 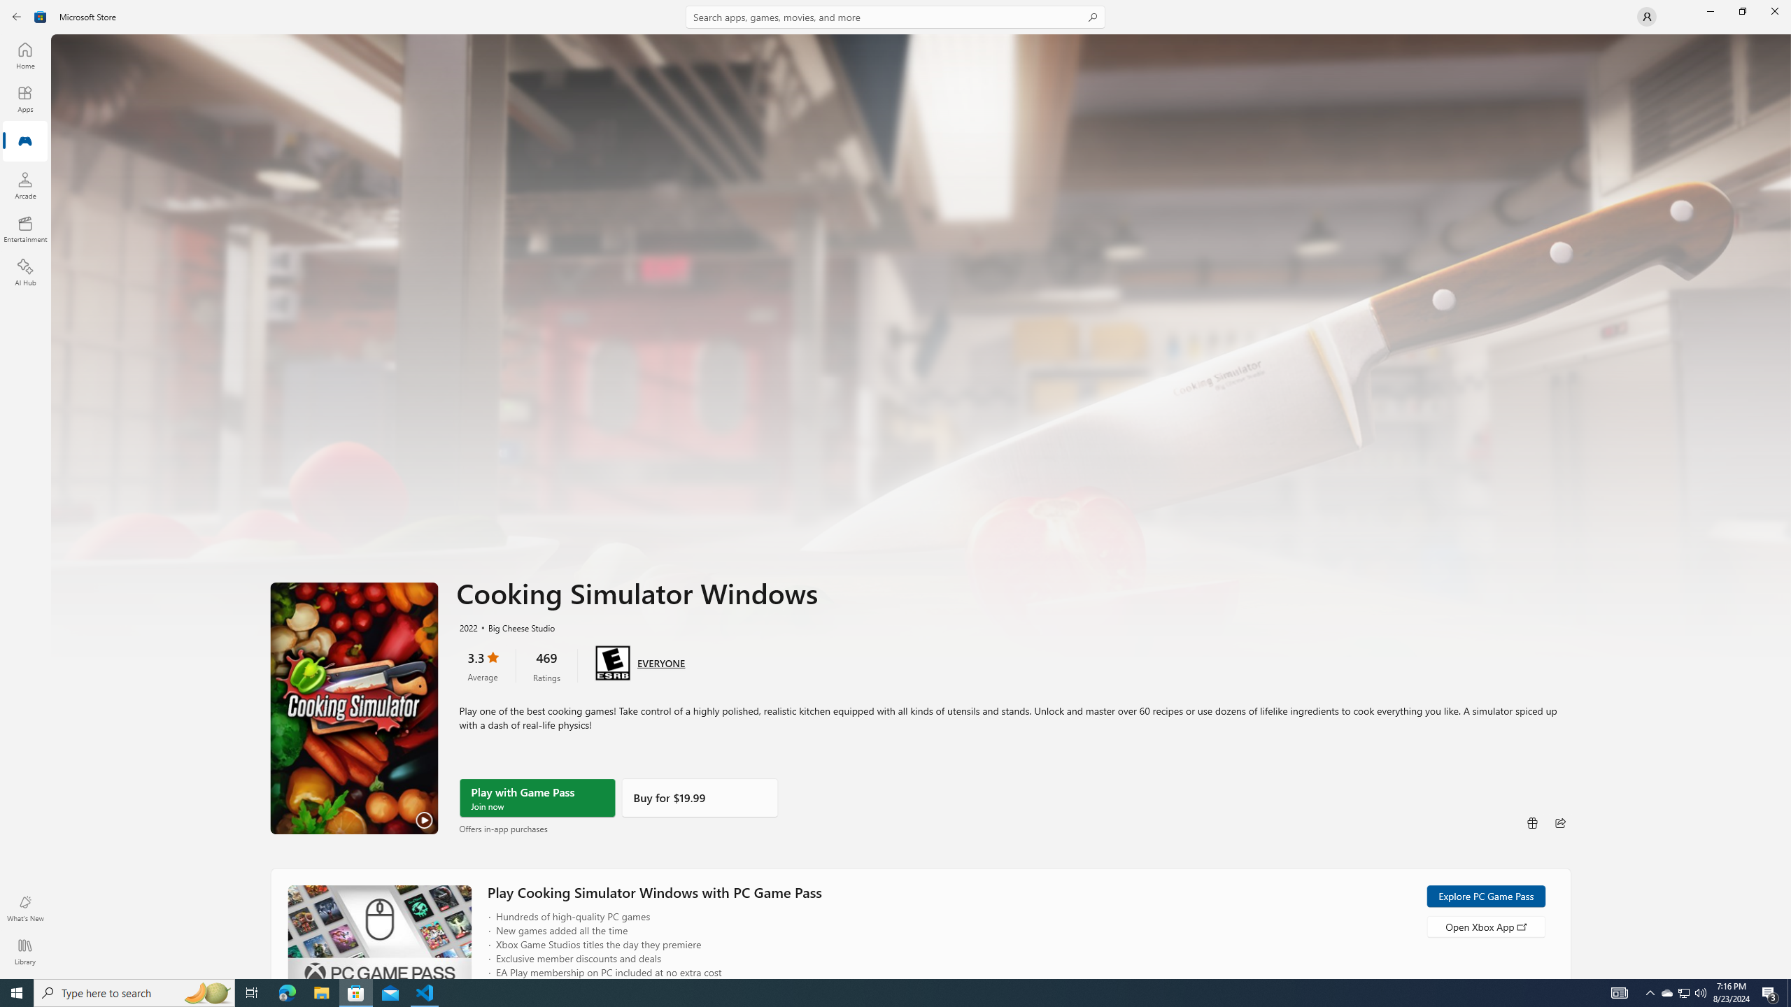 What do you see at coordinates (24, 271) in the screenshot?
I see `'AI Hub'` at bounding box center [24, 271].